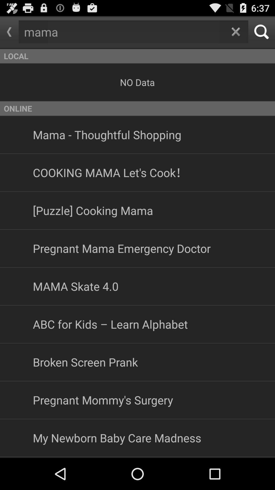 The width and height of the screenshot is (275, 490). I want to click on clears the text, so click(236, 31).